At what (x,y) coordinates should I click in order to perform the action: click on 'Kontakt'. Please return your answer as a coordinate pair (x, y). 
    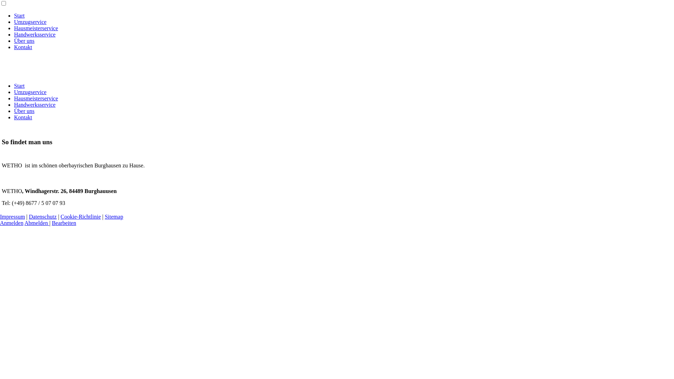
    Looking at the image, I should click on (23, 47).